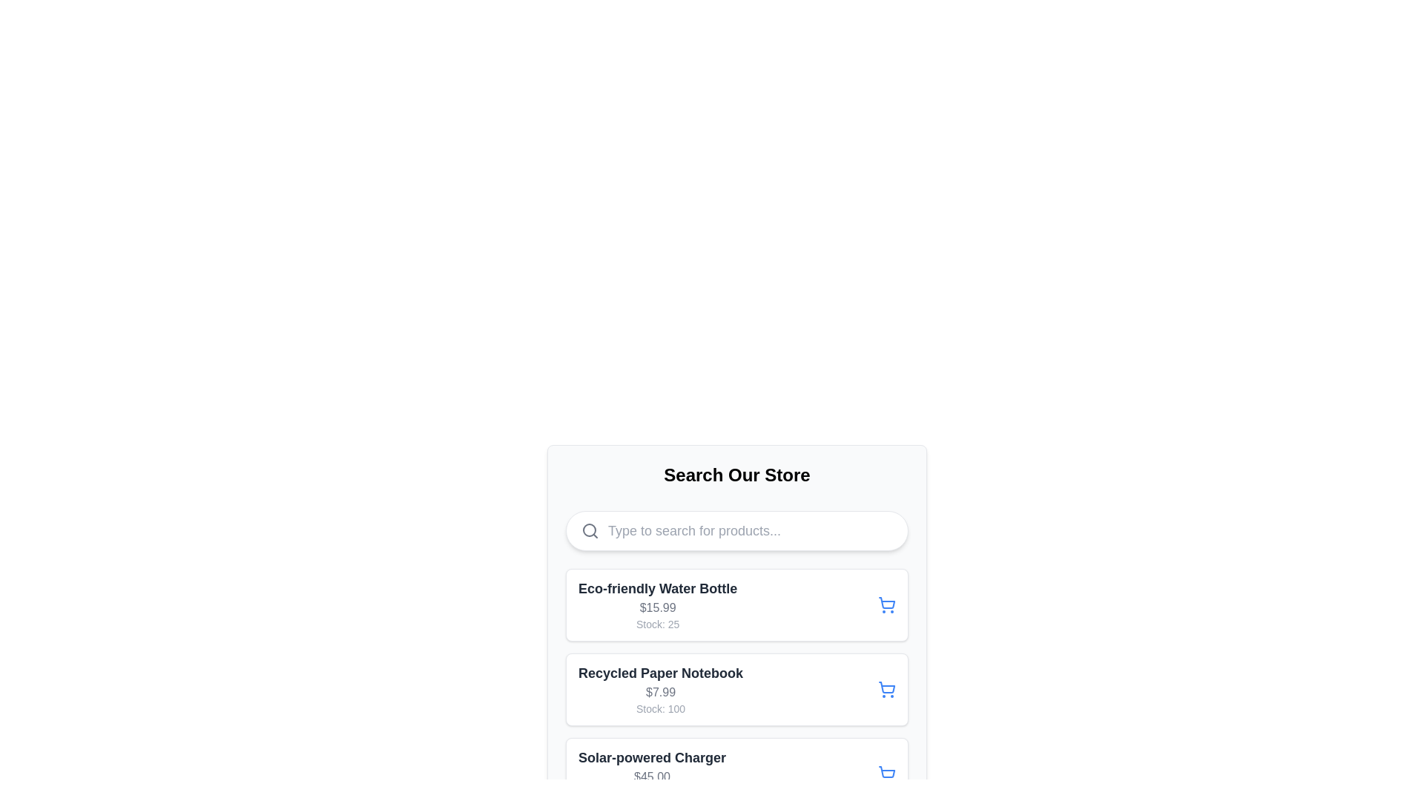 The width and height of the screenshot is (1424, 801). I want to click on the static text label displaying the price '$15.99' which is styled in gray and located beneath the product title 'Eco-friendly Water Bottle.', so click(657, 608).